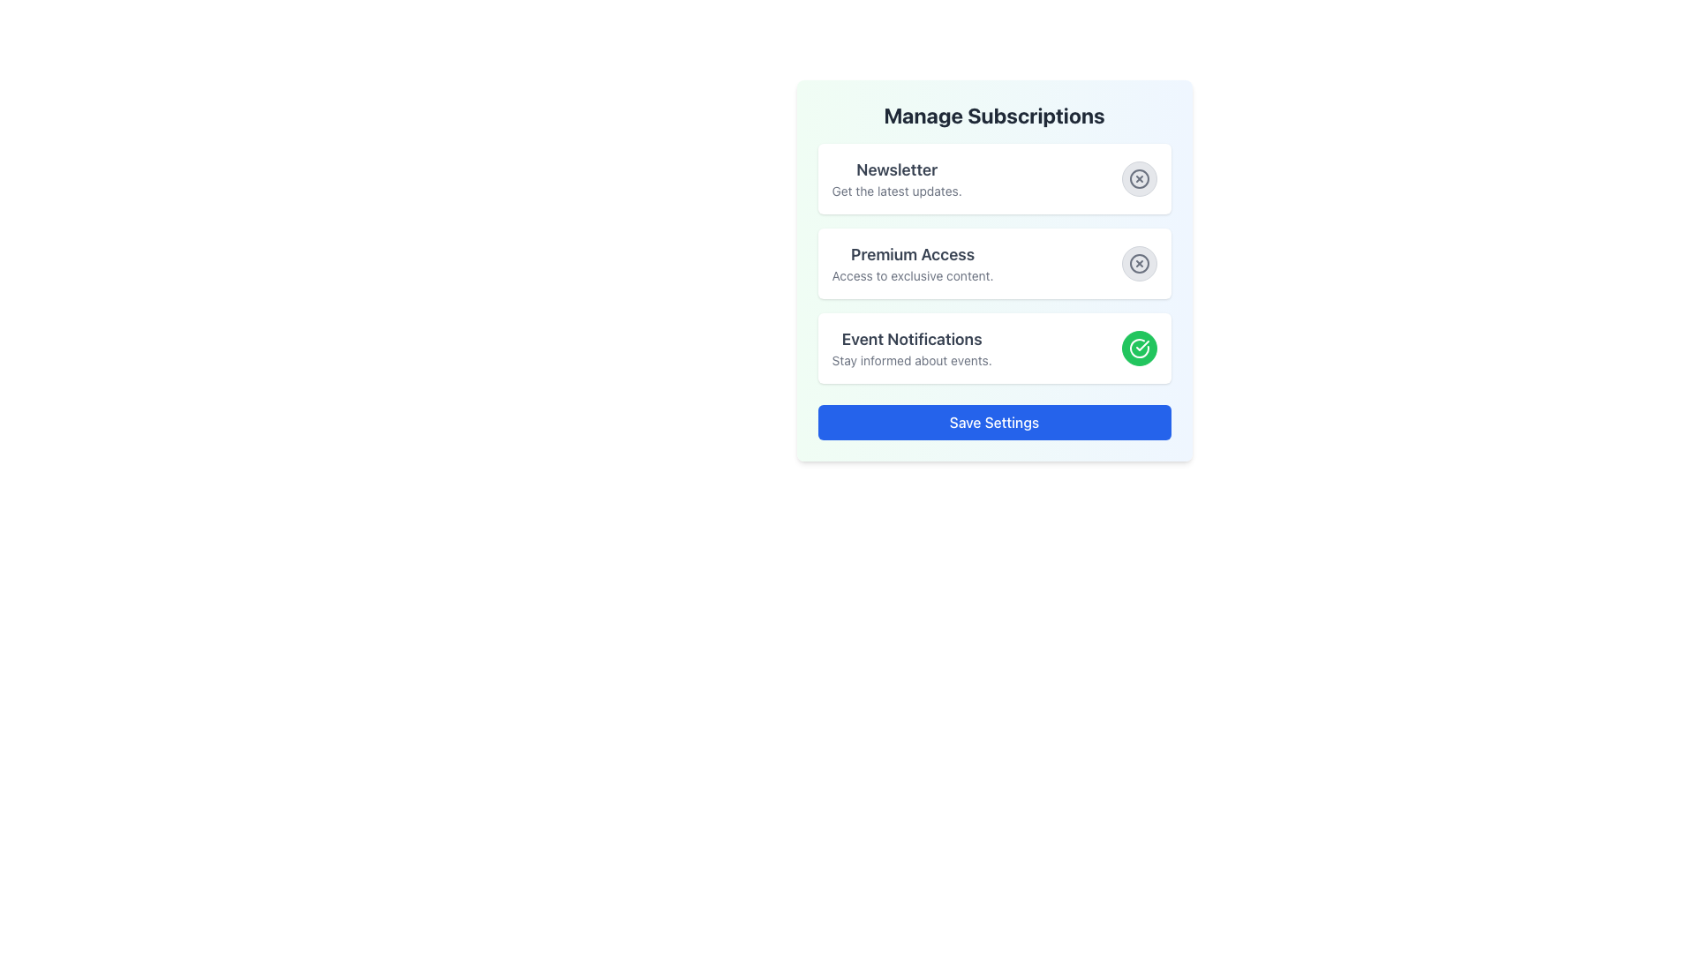 The image size is (1695, 953). Describe the element at coordinates (1139, 264) in the screenshot. I see `the decorative cancel or close icon within the SVG, located in the second item under 'Premium Access'` at that location.